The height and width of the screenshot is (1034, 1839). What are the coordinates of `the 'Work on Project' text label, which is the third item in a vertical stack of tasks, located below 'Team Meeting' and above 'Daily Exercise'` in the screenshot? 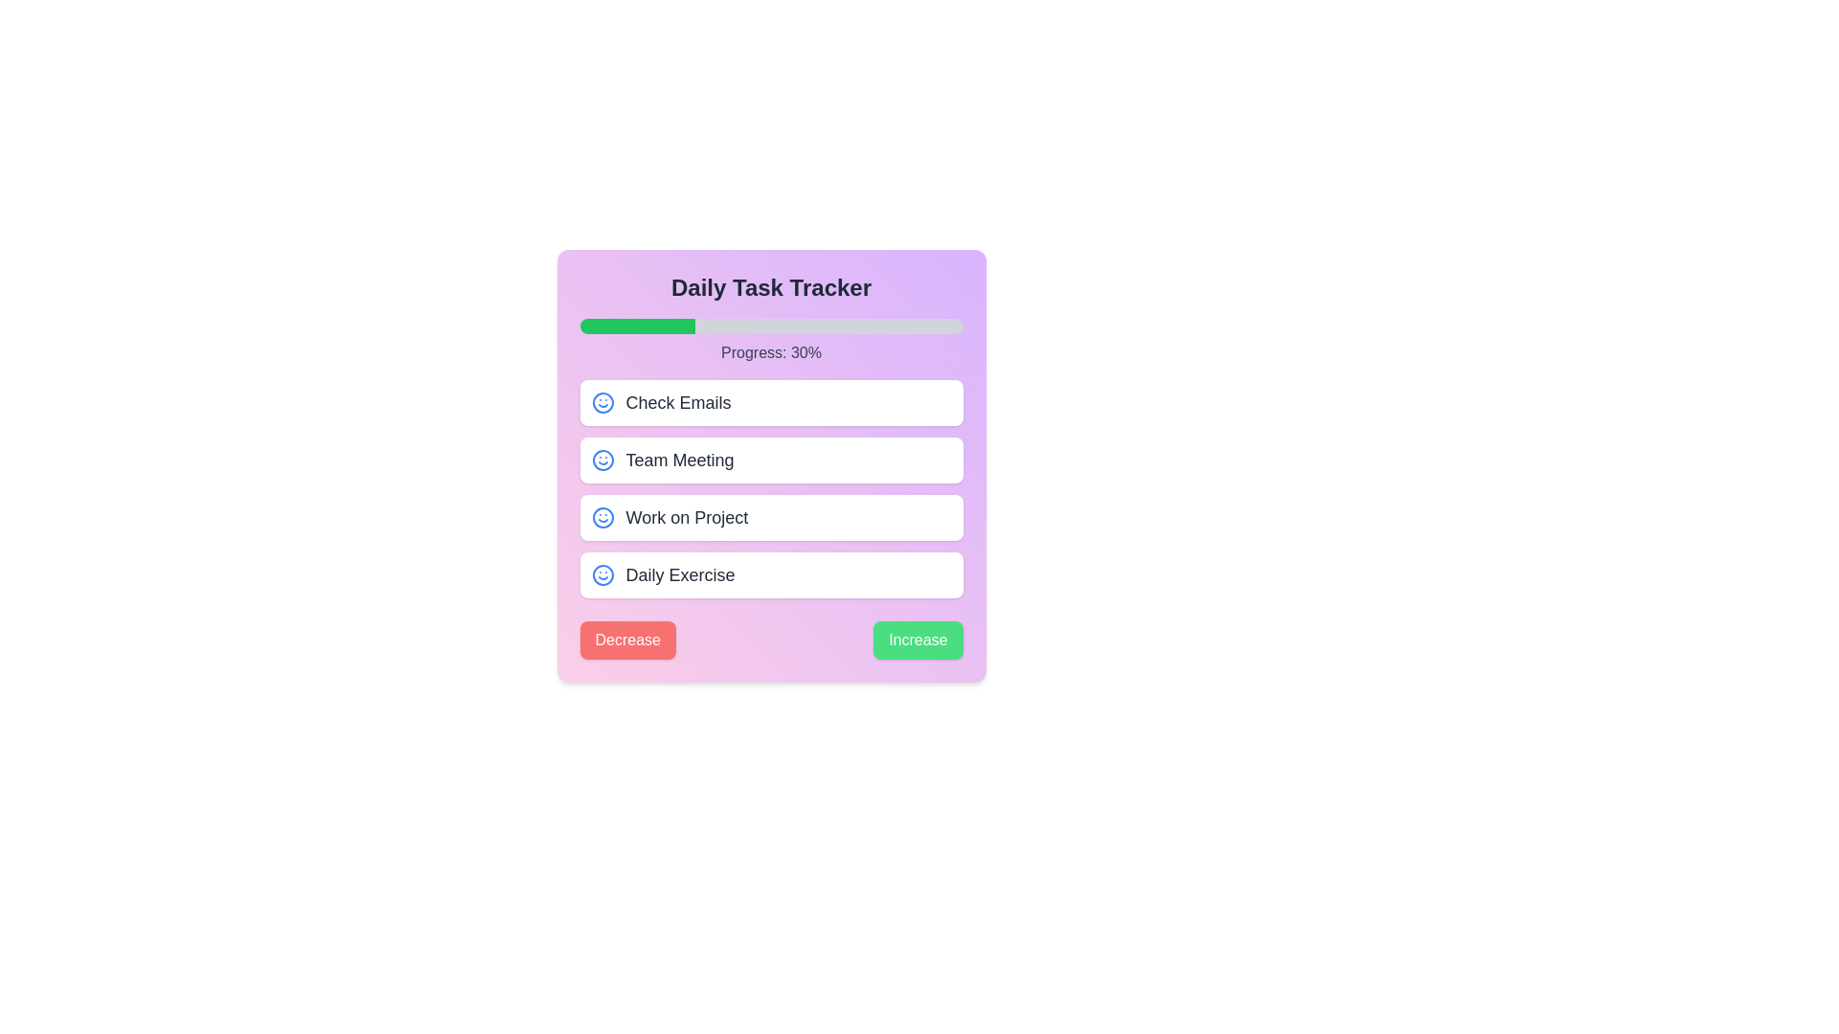 It's located at (687, 517).